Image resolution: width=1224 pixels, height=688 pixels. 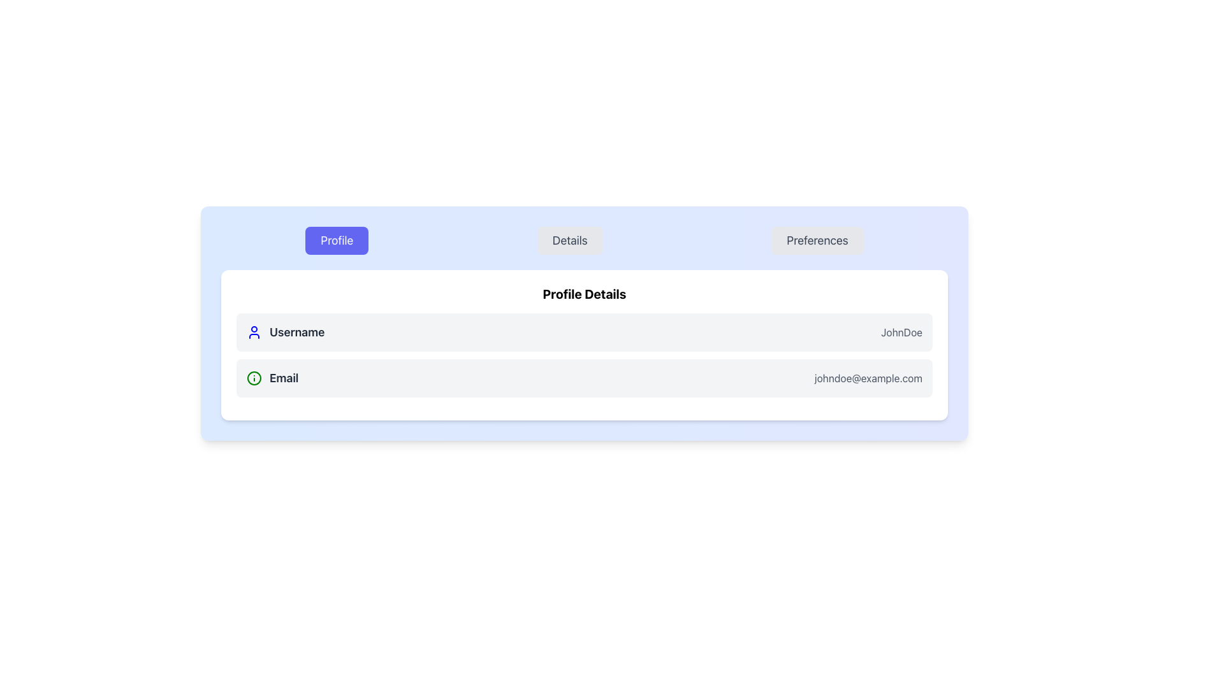 What do you see at coordinates (337, 241) in the screenshot?
I see `the 'Profile' button, which is the first button in a horizontal arrangement with an indigo background and white text` at bounding box center [337, 241].